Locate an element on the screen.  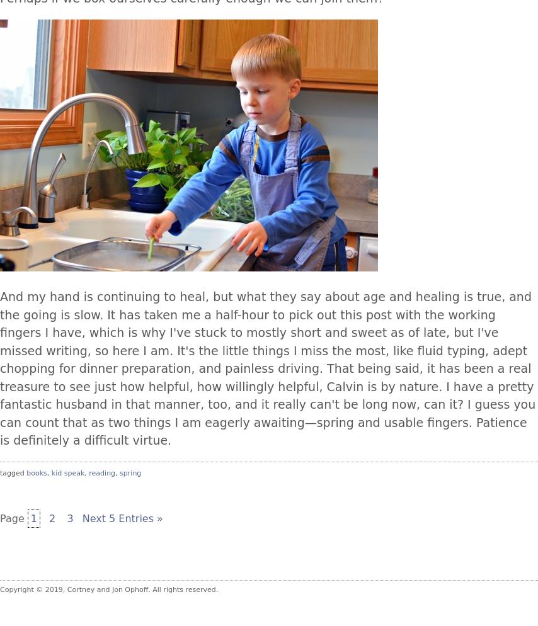
'3' is located at coordinates (70, 518).